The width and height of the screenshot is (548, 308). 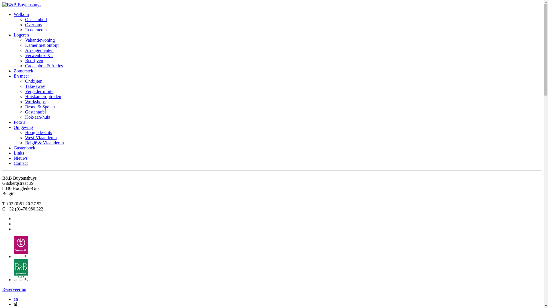 What do you see at coordinates (25, 24) in the screenshot?
I see `'Over ons'` at bounding box center [25, 24].